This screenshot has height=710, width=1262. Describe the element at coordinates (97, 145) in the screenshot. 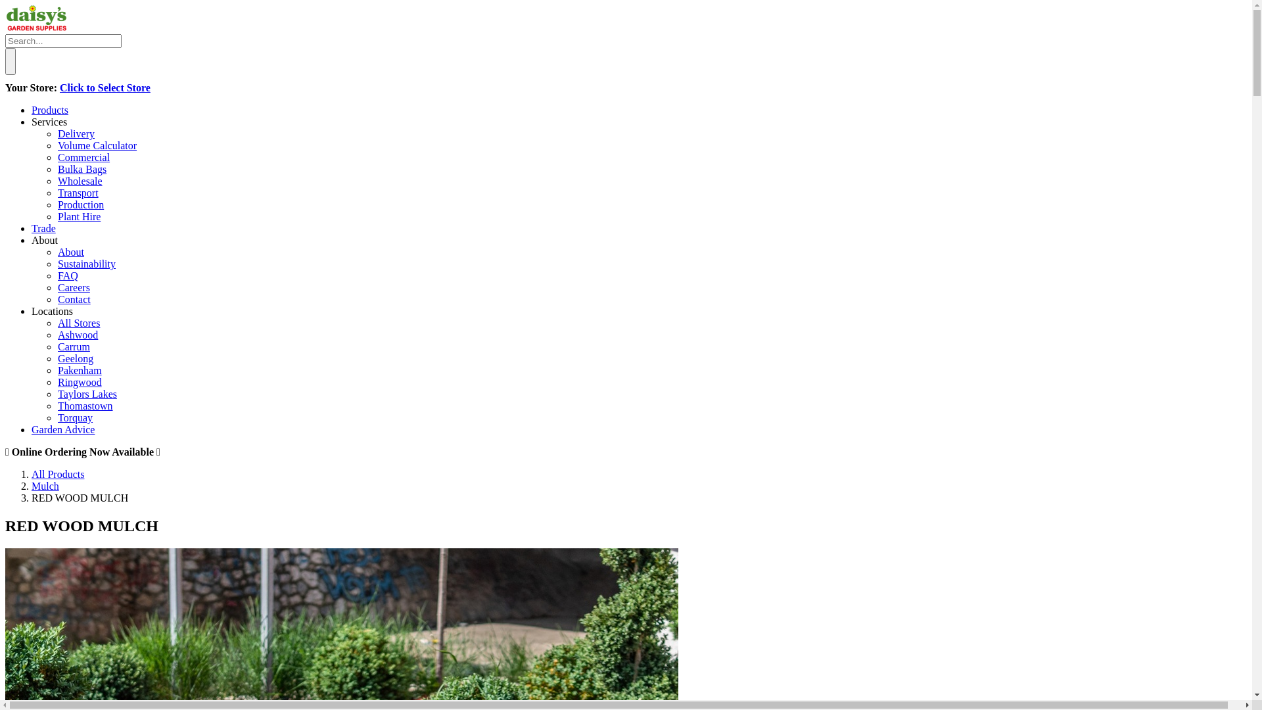

I see `'Volume Calculator'` at that location.